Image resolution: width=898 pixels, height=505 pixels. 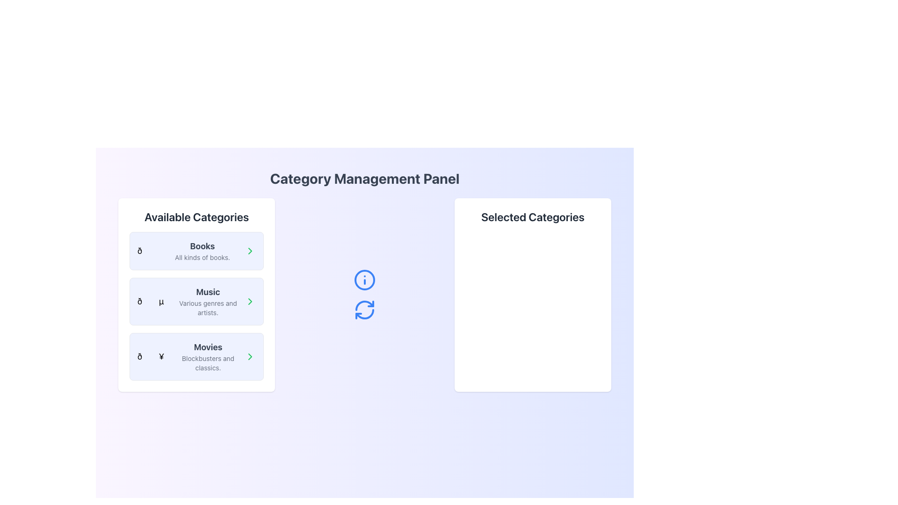 What do you see at coordinates (202, 258) in the screenshot?
I see `descriptive text 'All kinds of books.' located beneath the bold 'Books' label in the first category card of the 'Available Categories' column` at bounding box center [202, 258].